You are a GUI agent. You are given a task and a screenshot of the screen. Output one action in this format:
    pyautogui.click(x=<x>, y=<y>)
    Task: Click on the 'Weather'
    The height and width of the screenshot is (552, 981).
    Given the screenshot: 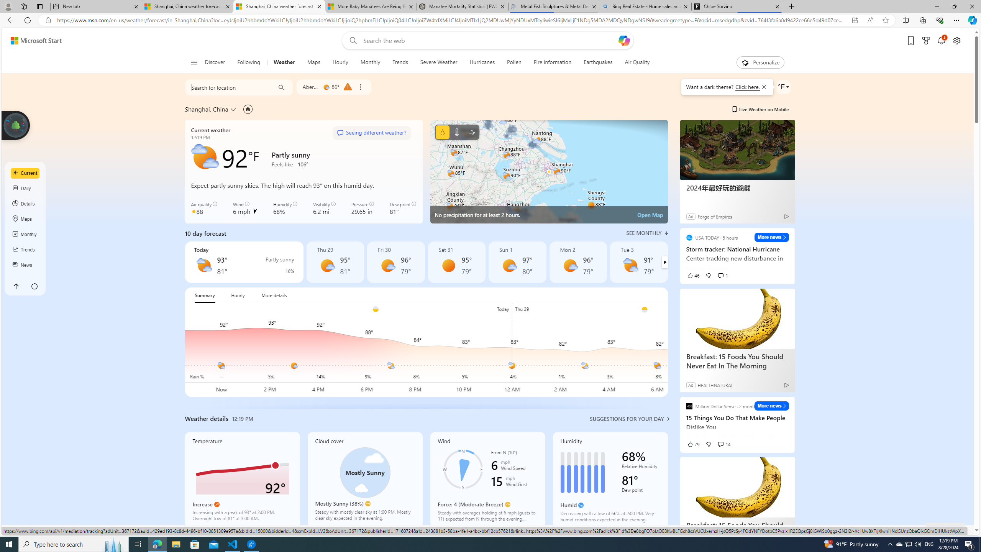 What is the action you would take?
    pyautogui.click(x=284, y=62)
    